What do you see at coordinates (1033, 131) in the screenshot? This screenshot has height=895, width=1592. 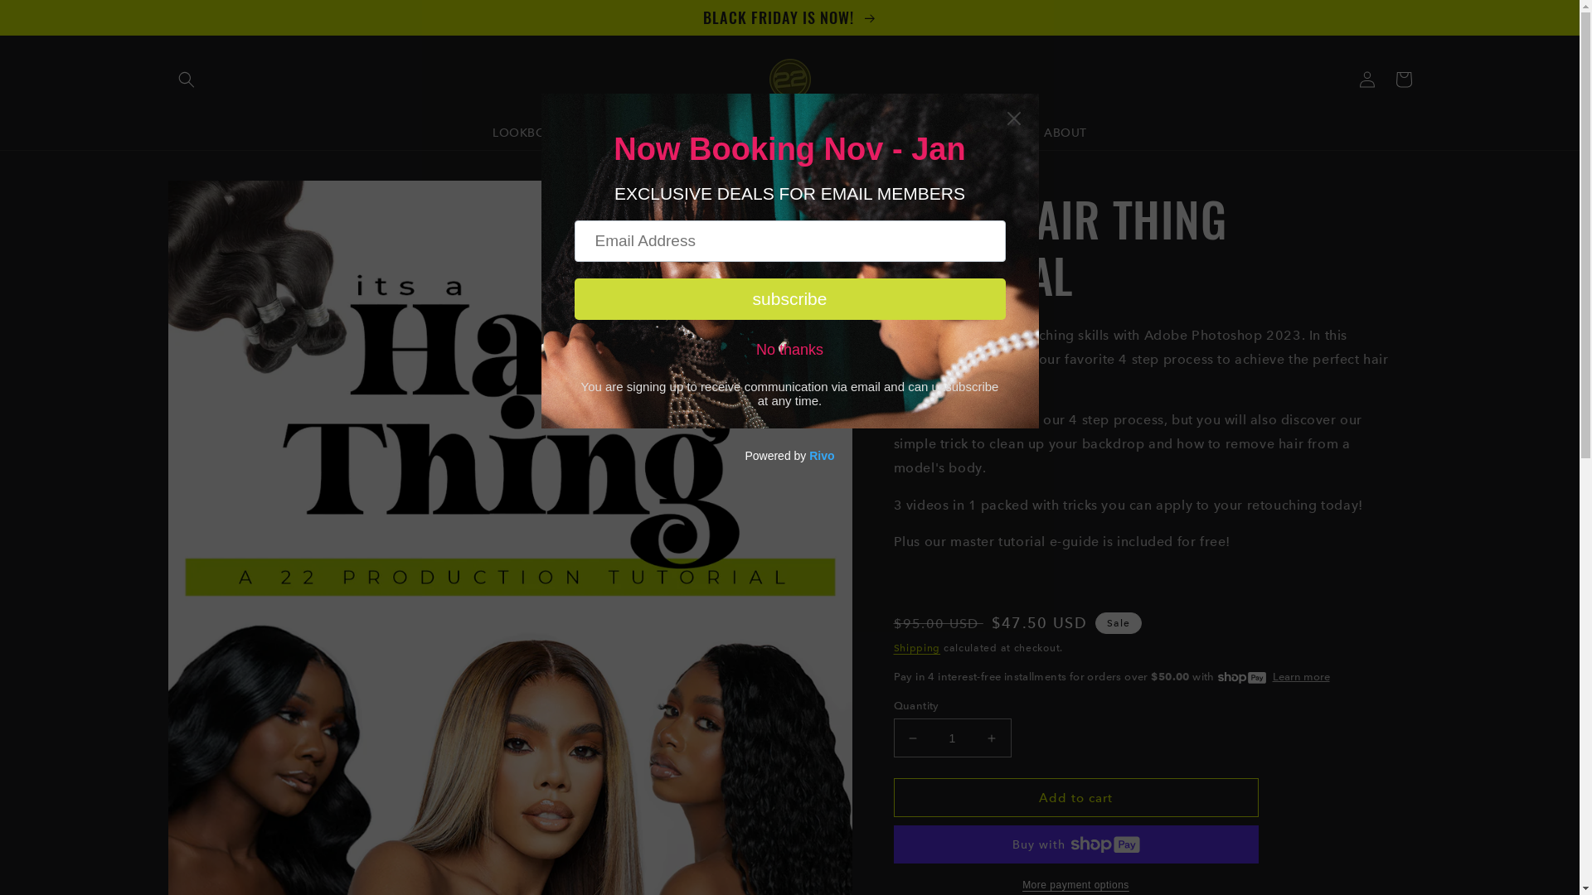 I see `'ABOUT'` at bounding box center [1033, 131].